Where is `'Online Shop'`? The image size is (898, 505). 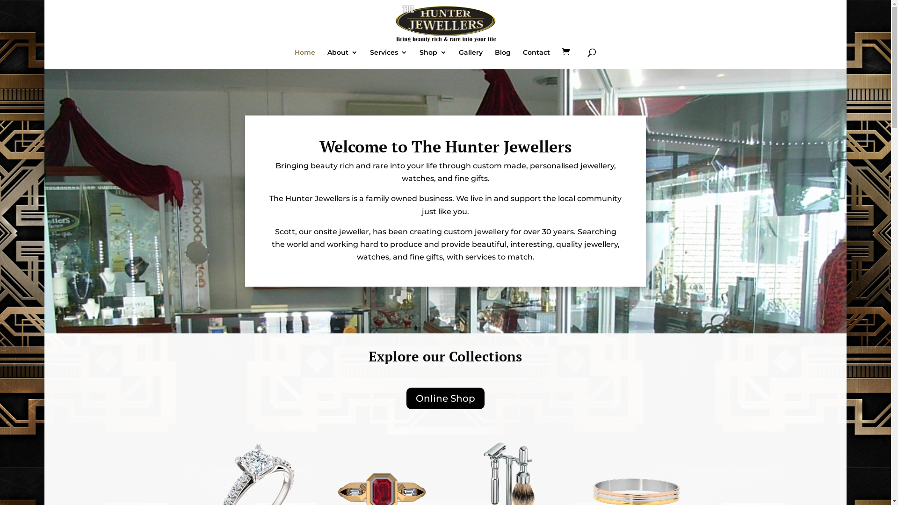
'Online Shop' is located at coordinates (406, 398).